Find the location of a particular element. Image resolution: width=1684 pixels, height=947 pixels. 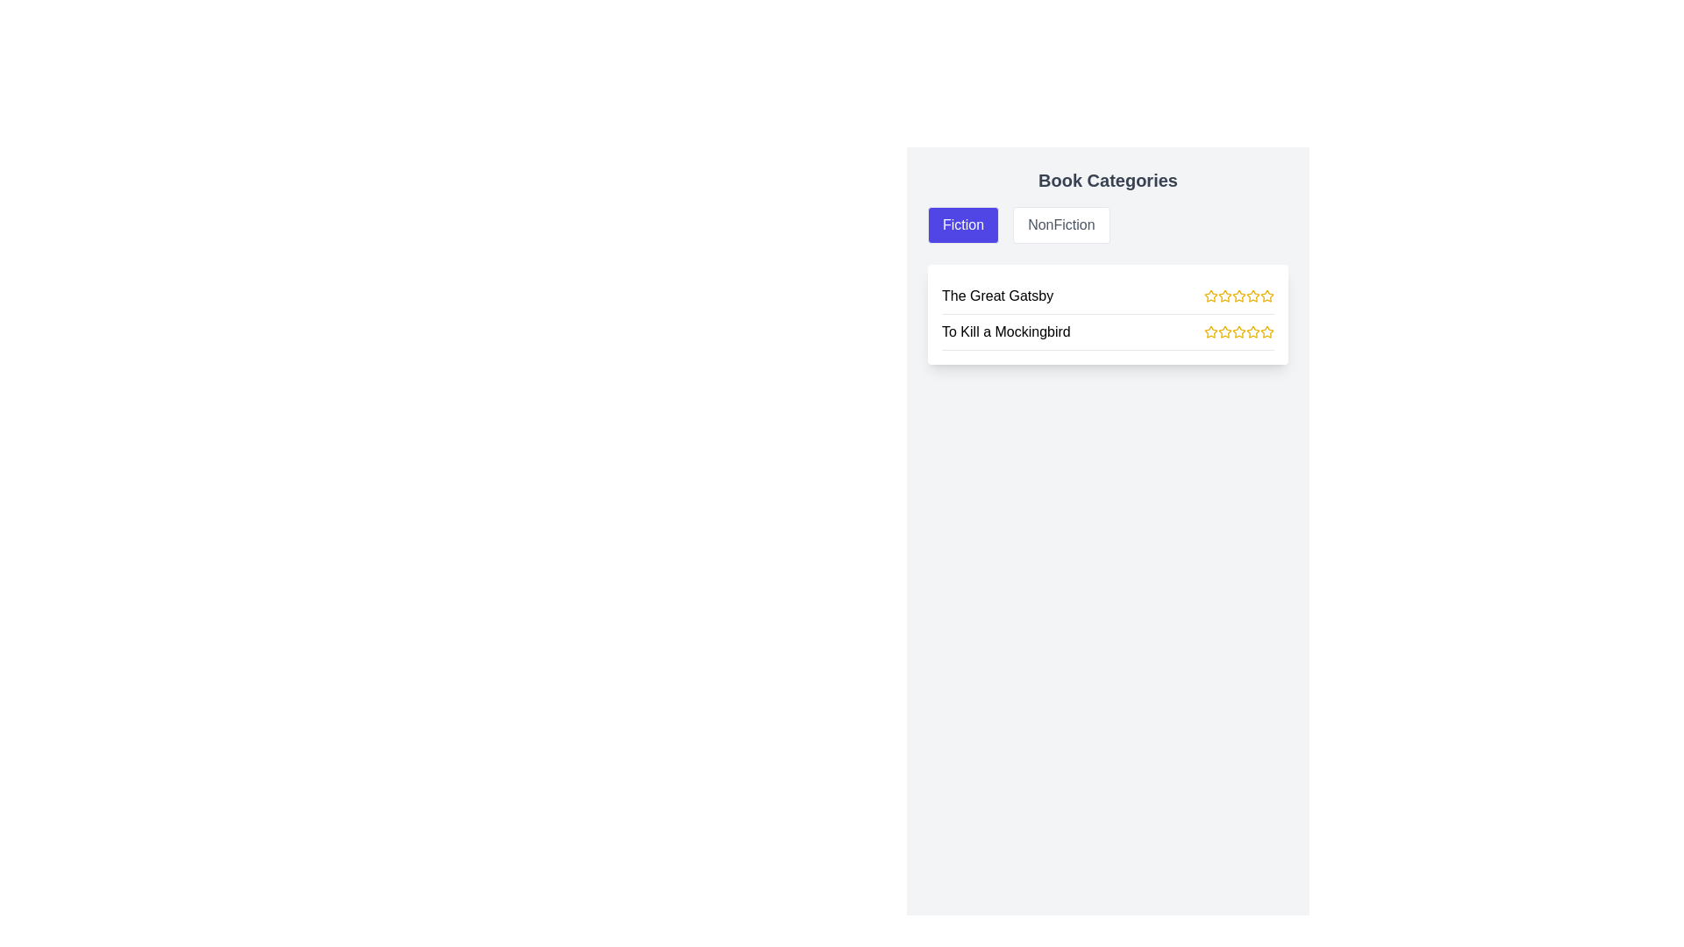

the fifth star icon in the star rating component is located at coordinates (1252, 331).